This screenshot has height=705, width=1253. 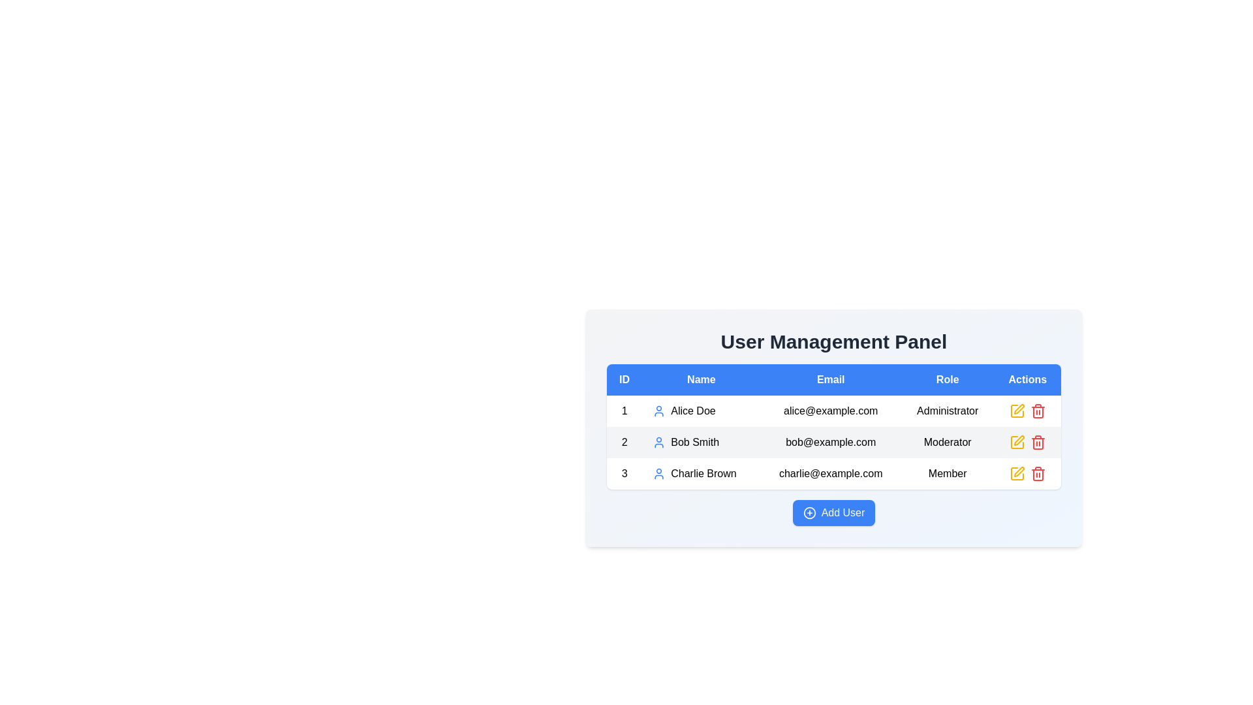 What do you see at coordinates (830, 473) in the screenshot?
I see `the text label displaying Charlie Brown's email address, located in the third row of the table under the 'Email' column` at bounding box center [830, 473].